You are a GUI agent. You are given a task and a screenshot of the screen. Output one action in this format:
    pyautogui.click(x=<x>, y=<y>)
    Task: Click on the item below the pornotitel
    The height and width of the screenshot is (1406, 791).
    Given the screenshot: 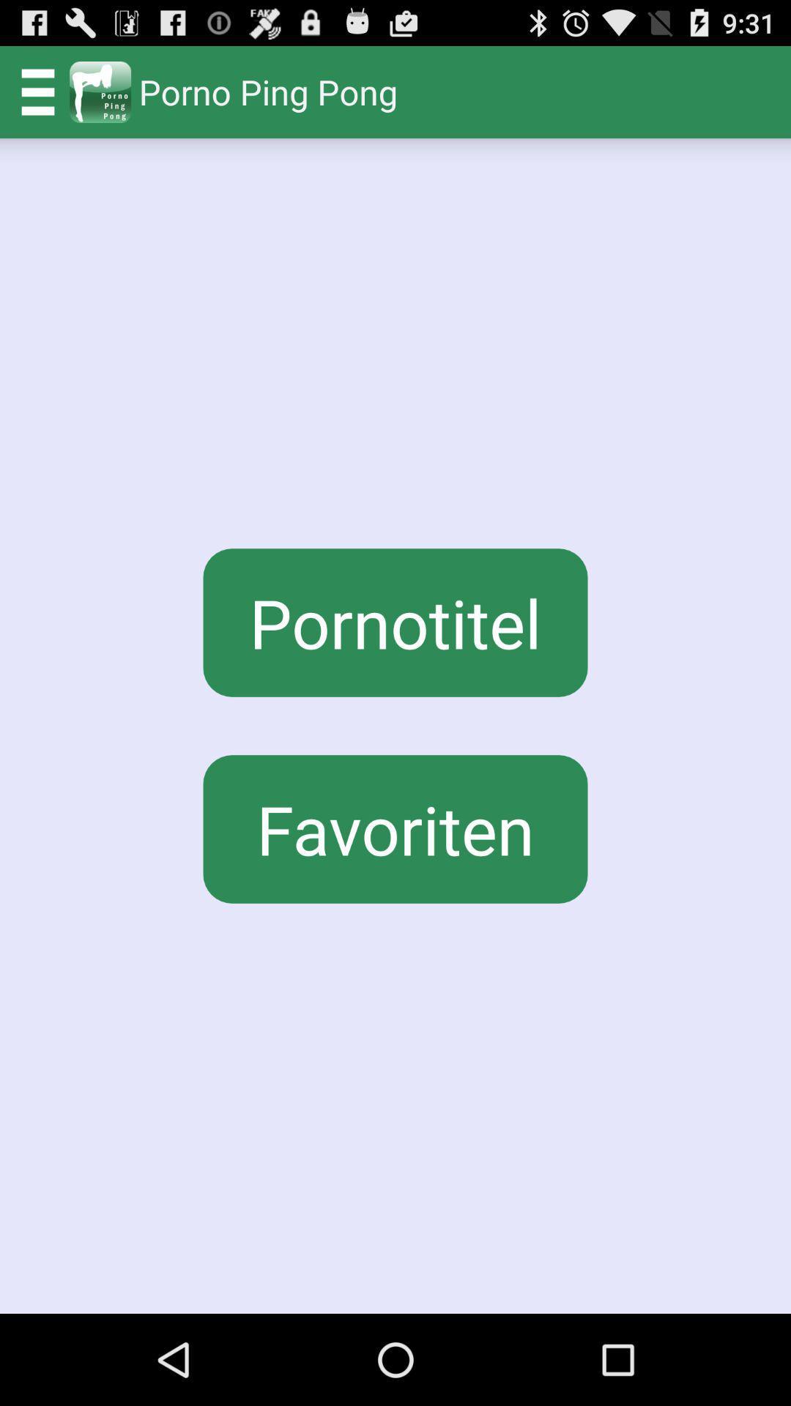 What is the action you would take?
    pyautogui.click(x=395, y=829)
    